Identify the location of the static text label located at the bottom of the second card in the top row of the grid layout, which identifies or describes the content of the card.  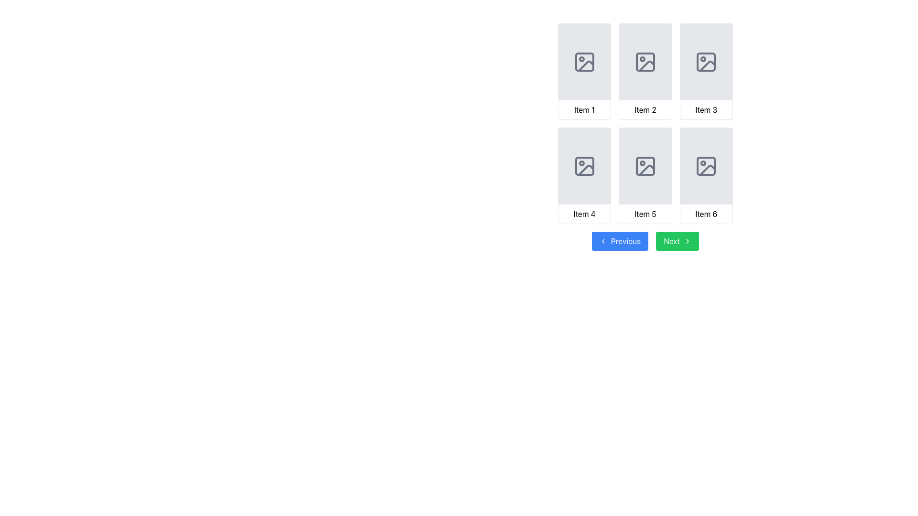
(645, 109).